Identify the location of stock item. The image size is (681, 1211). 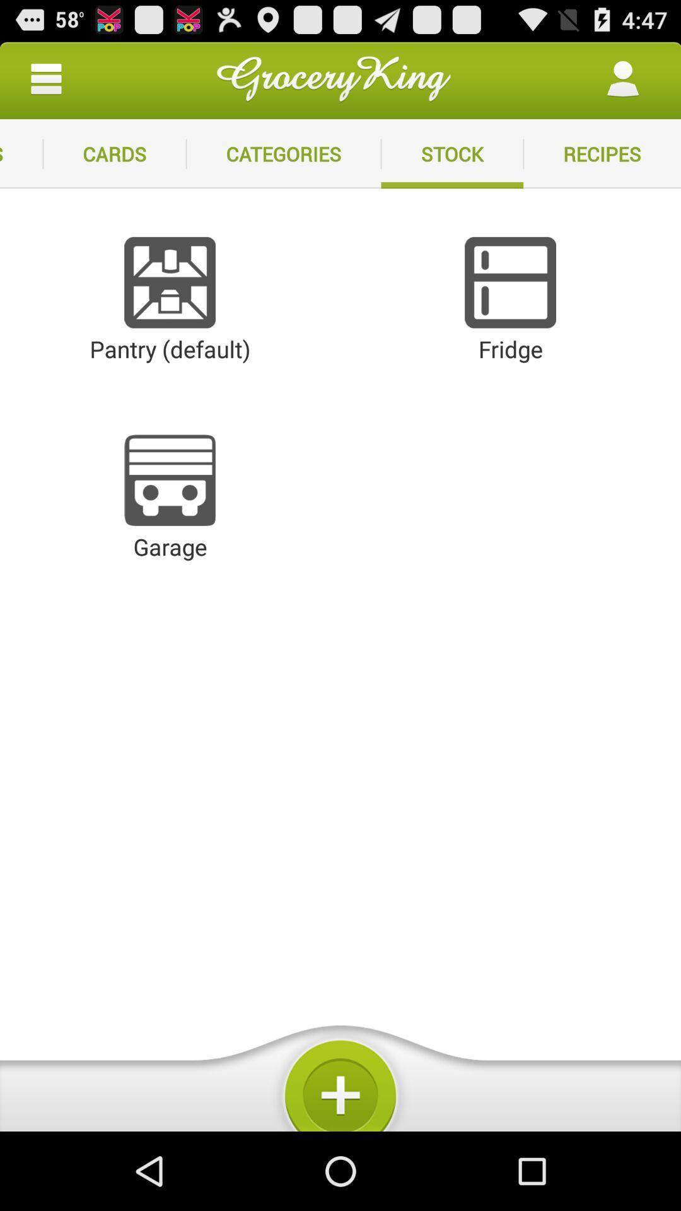
(451, 153).